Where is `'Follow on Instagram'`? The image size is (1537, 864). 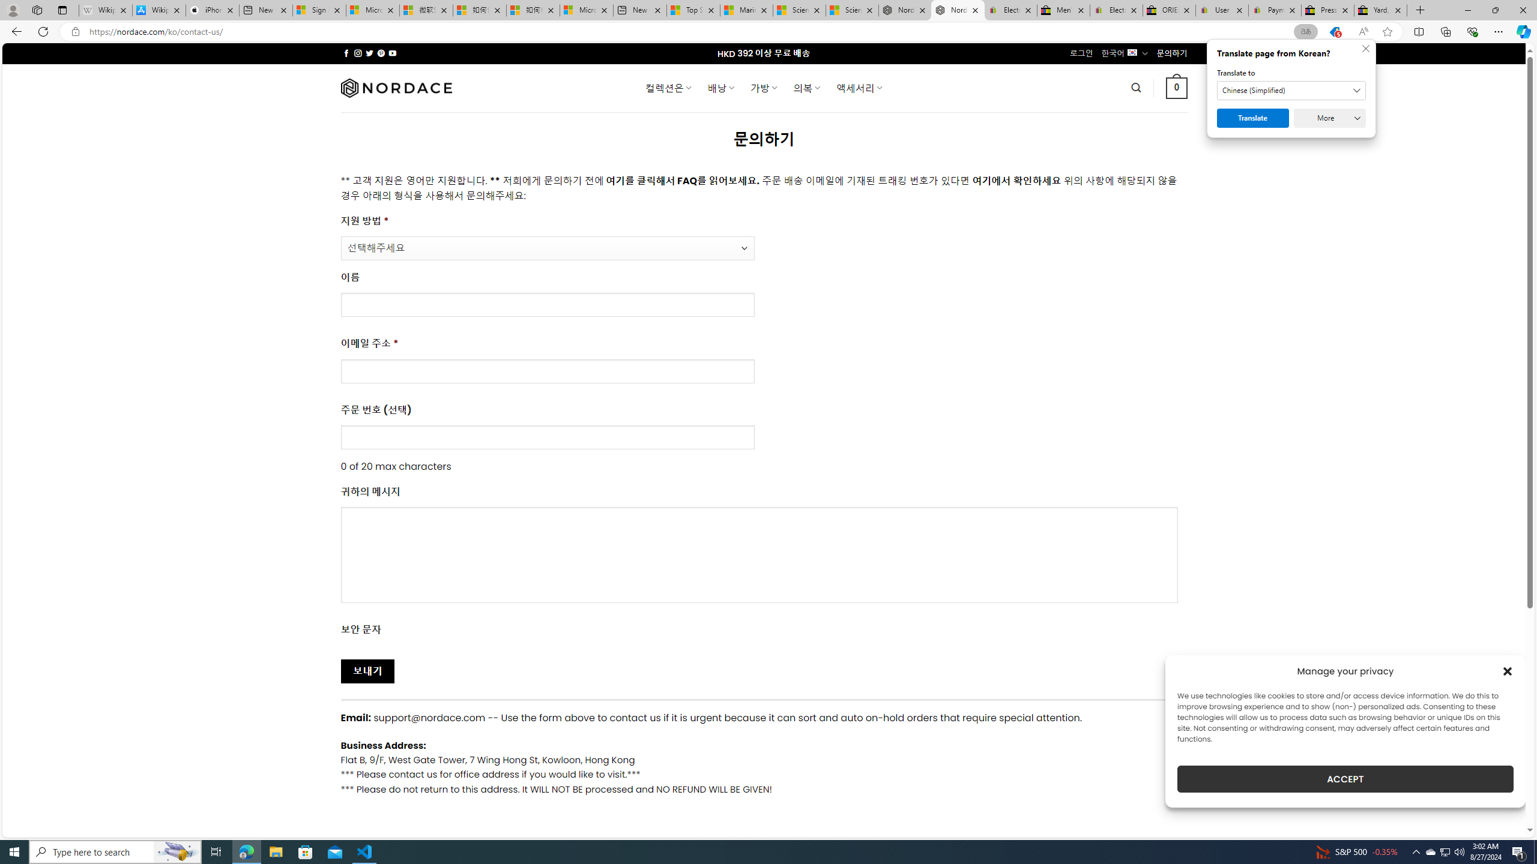 'Follow on Instagram' is located at coordinates (357, 53).